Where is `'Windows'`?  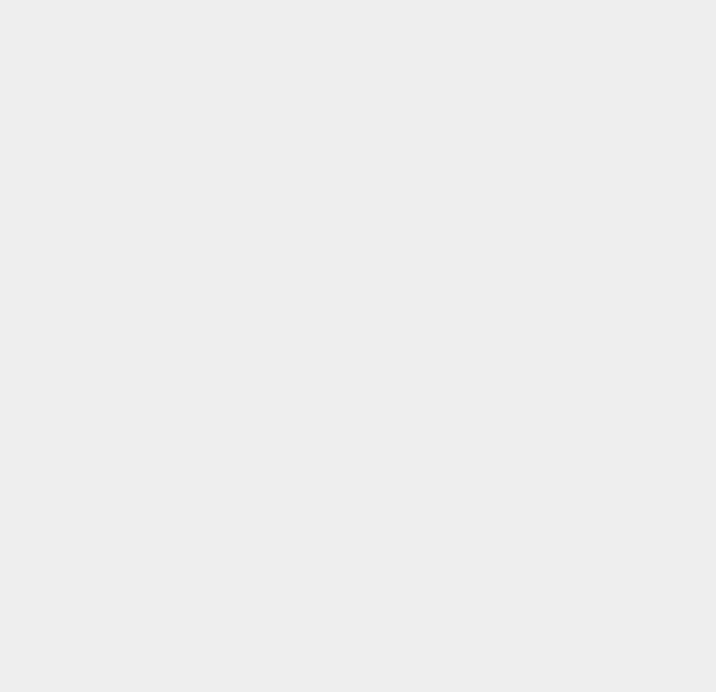 'Windows' is located at coordinates (525, 681).